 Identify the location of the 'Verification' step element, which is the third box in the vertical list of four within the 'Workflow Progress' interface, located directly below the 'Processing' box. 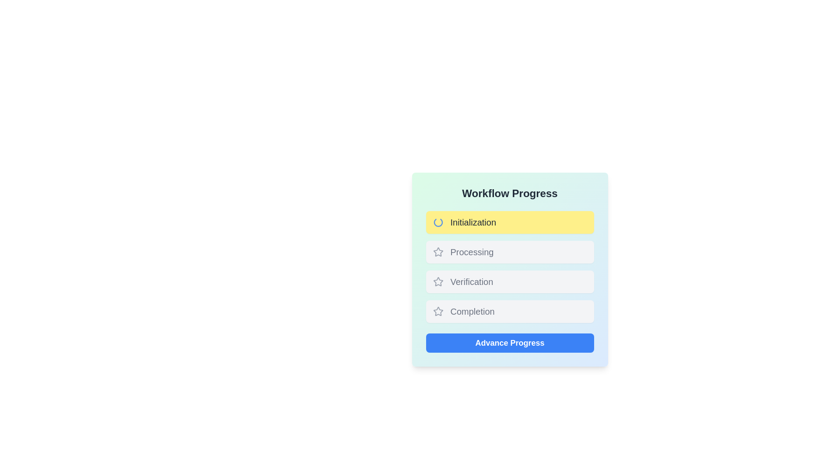
(510, 281).